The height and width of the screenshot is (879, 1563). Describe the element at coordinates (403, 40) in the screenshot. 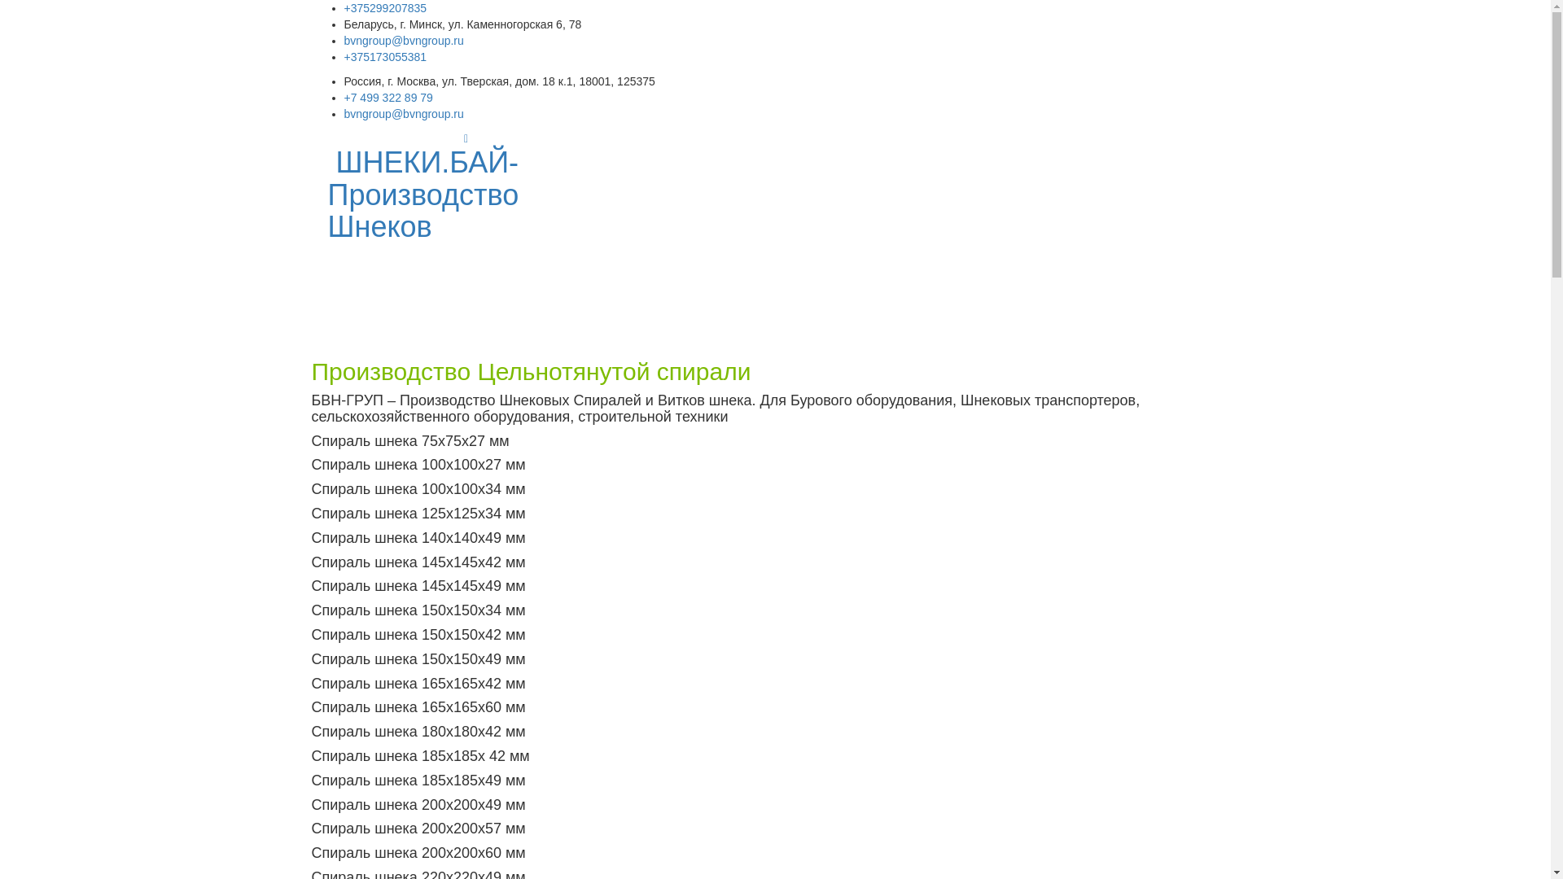

I see `'bvngroup@bvngroup.ru'` at that location.